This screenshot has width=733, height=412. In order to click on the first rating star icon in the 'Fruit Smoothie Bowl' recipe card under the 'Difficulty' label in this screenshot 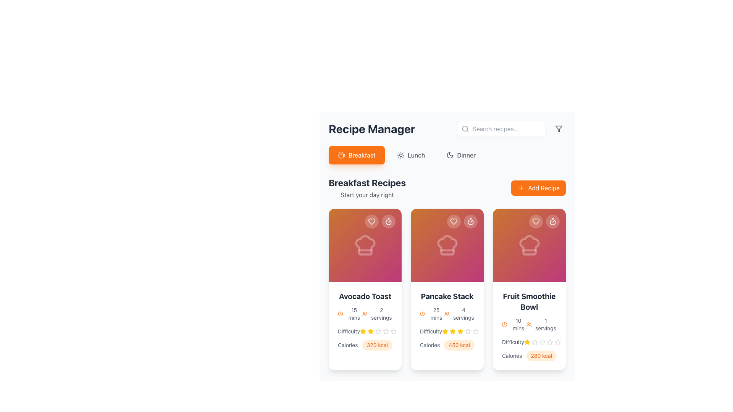, I will do `click(550, 341)`.